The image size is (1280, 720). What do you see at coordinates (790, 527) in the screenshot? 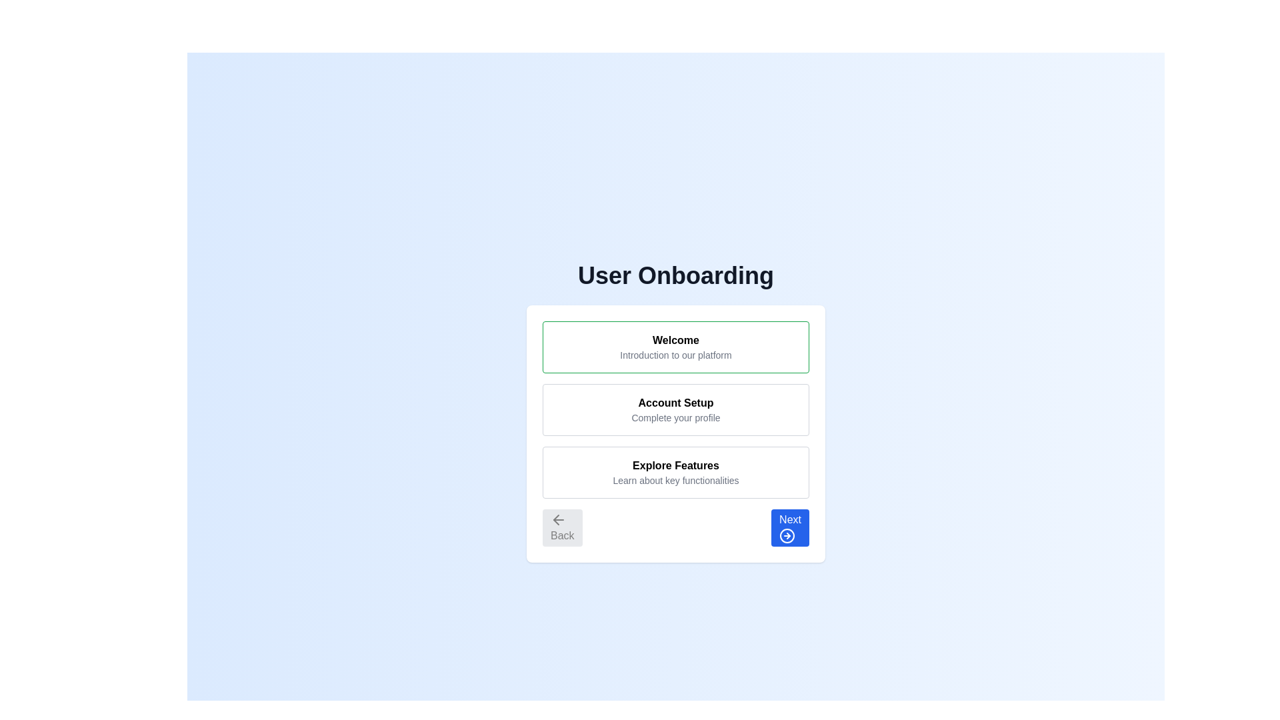
I see `the 'Next' button to advance to the next step` at bounding box center [790, 527].